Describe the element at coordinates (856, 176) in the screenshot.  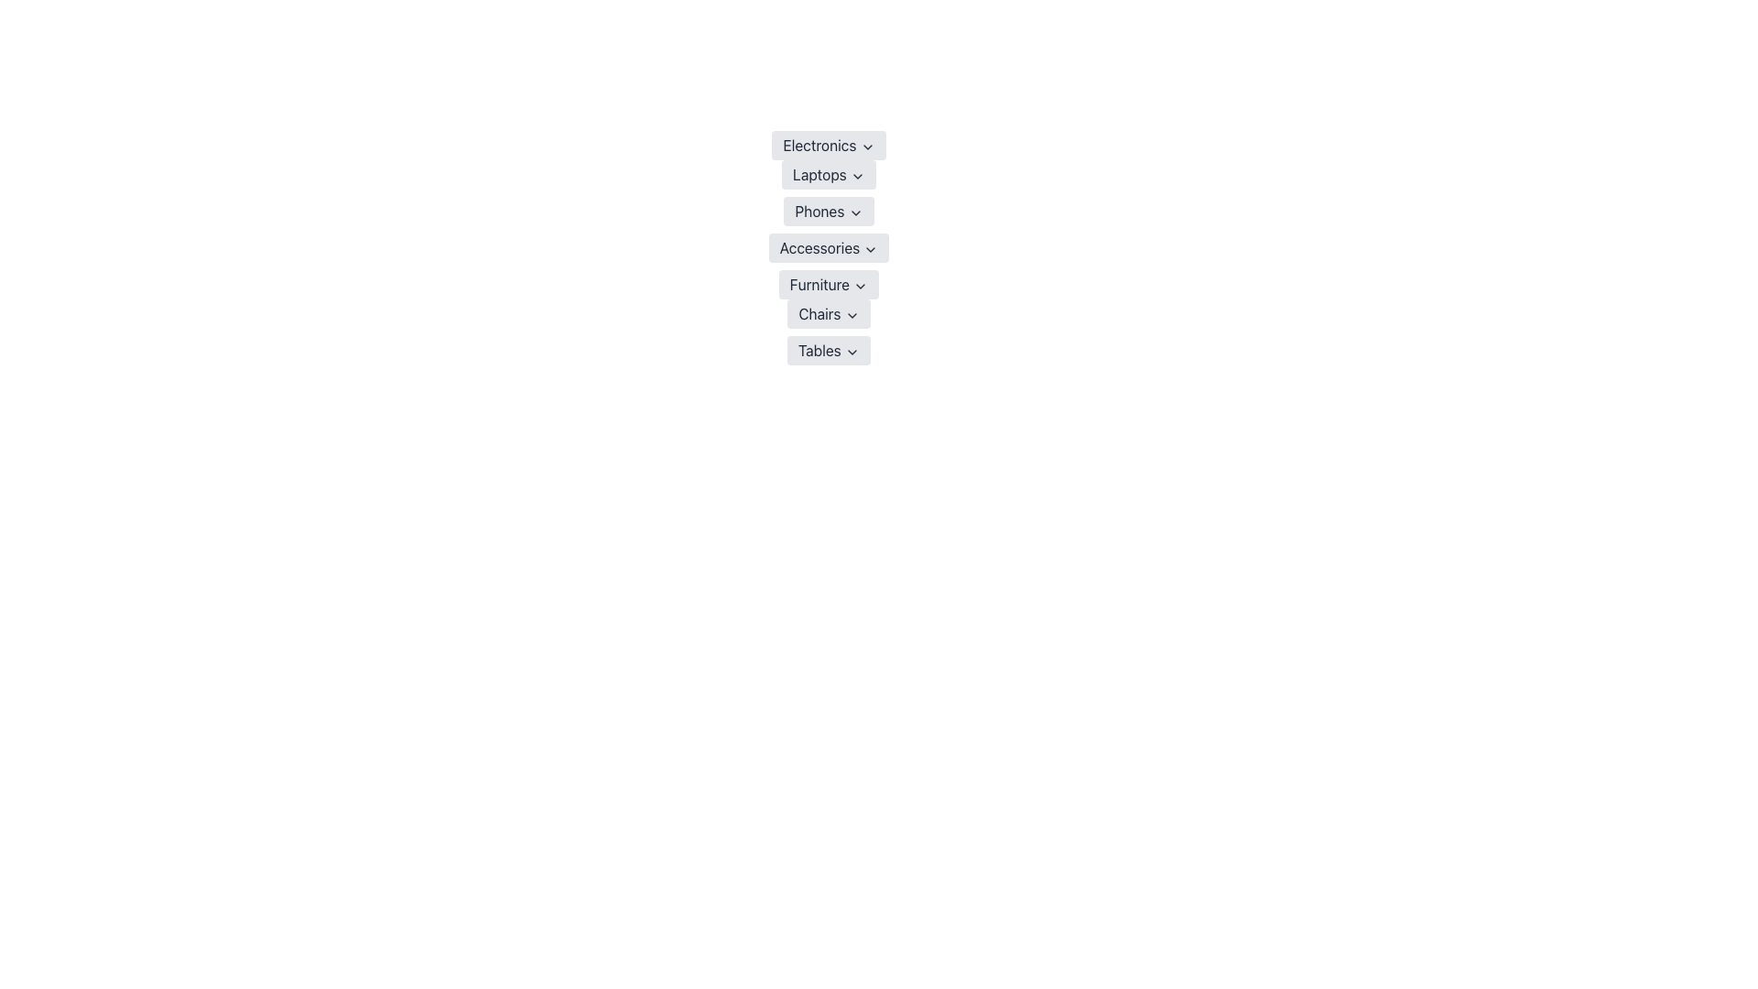
I see `the expandability of the downward-pointing chevron icon located to the right of the 'Laptops' text button` at that location.